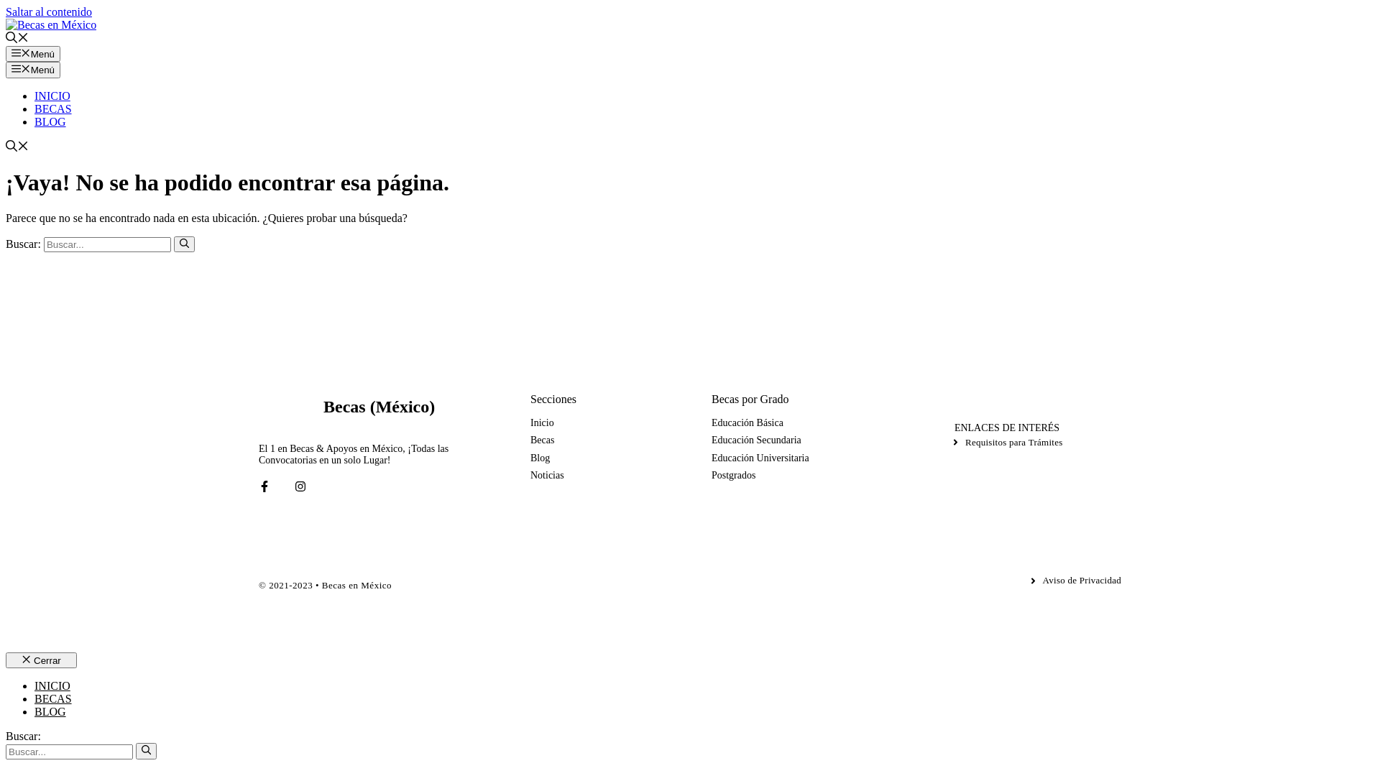  What do you see at coordinates (711, 476) in the screenshot?
I see `'Postgrados'` at bounding box center [711, 476].